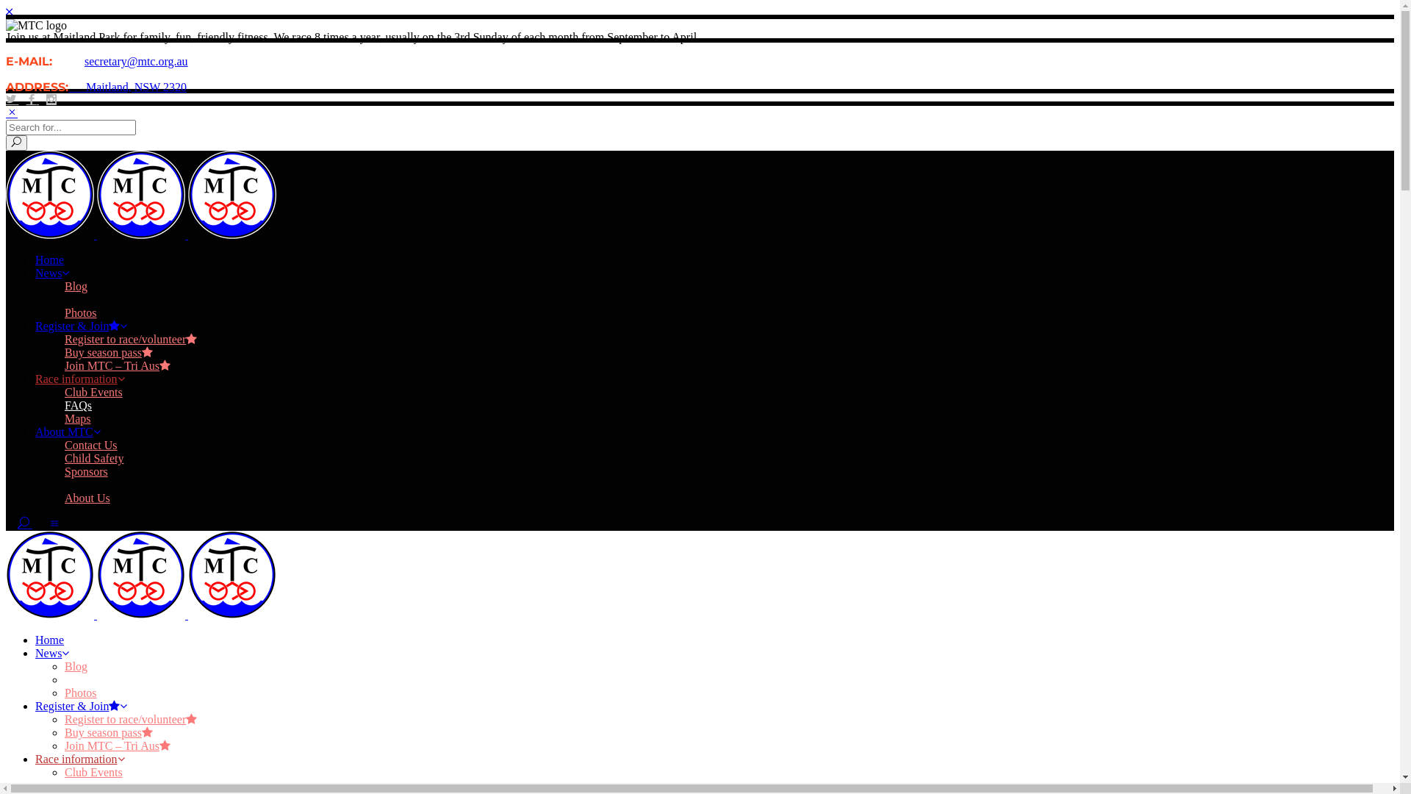  Describe the element at coordinates (63, 391) in the screenshot. I see `'Club Events'` at that location.